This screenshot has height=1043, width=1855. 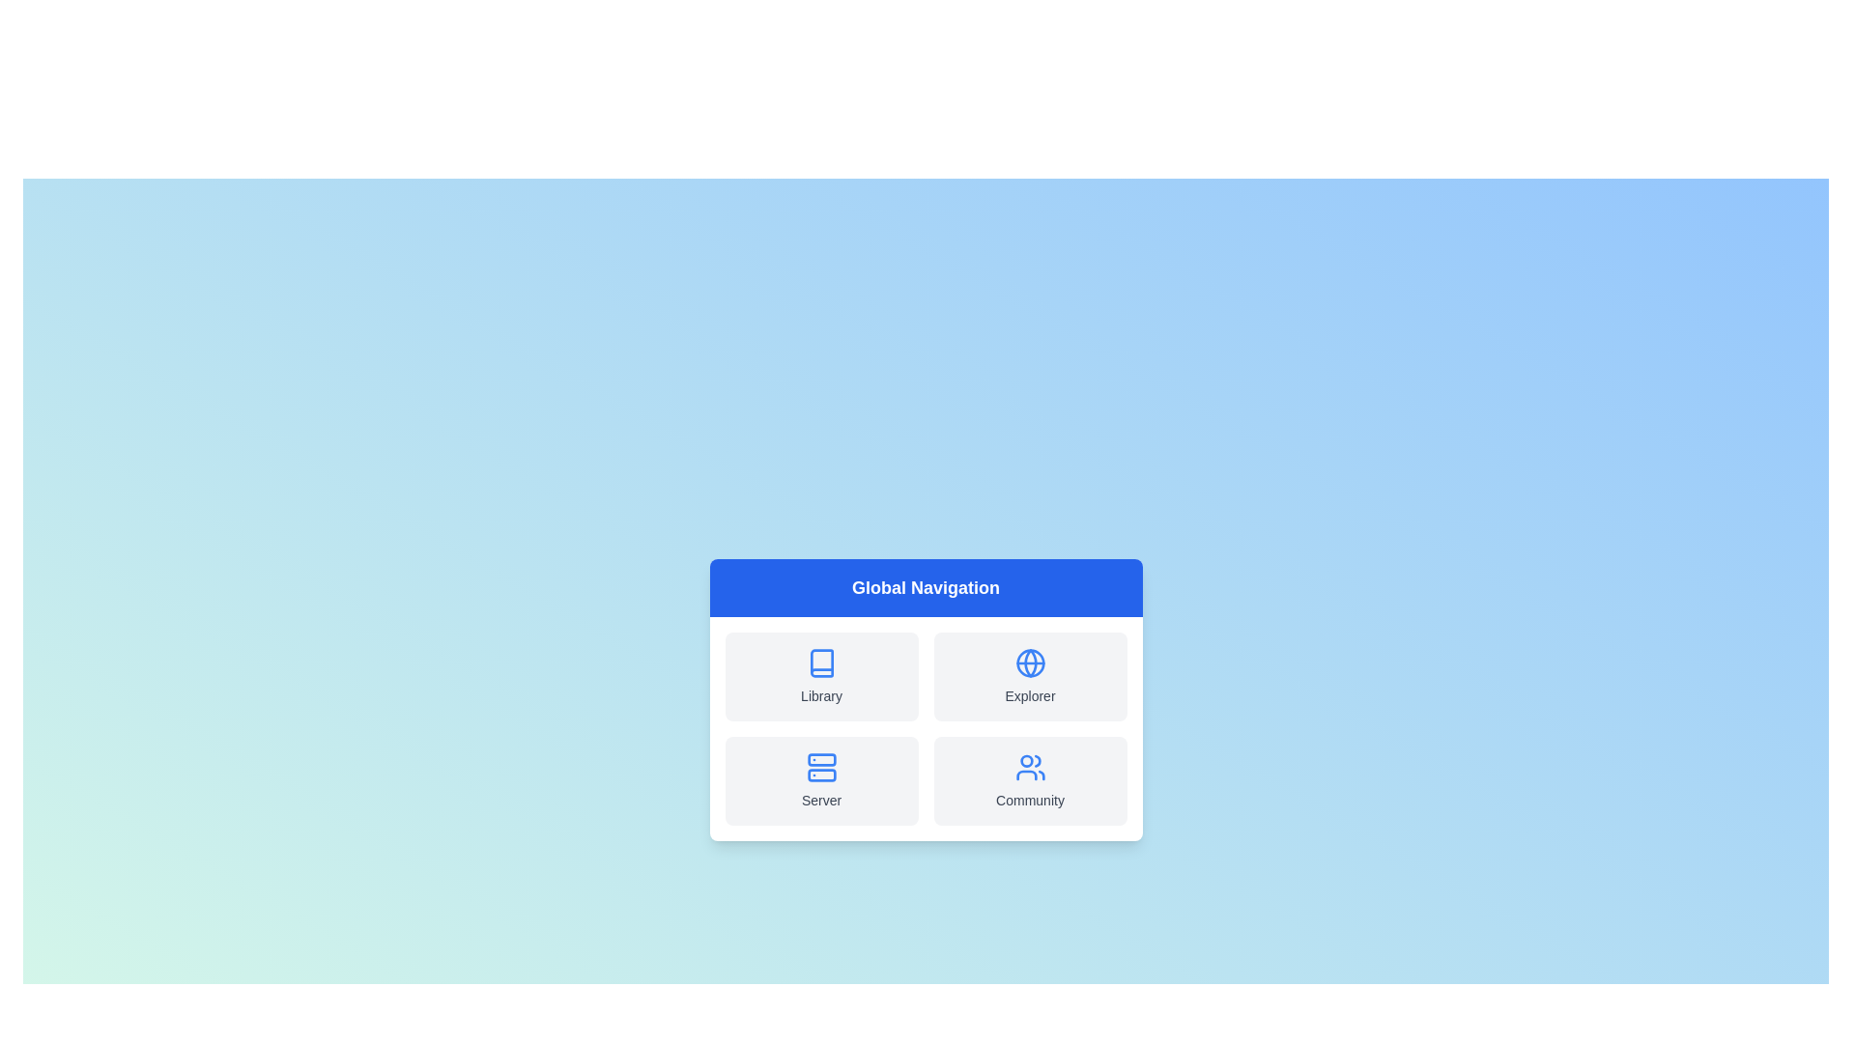 What do you see at coordinates (821, 676) in the screenshot?
I see `the navigation option Library to observe its hover effect` at bounding box center [821, 676].